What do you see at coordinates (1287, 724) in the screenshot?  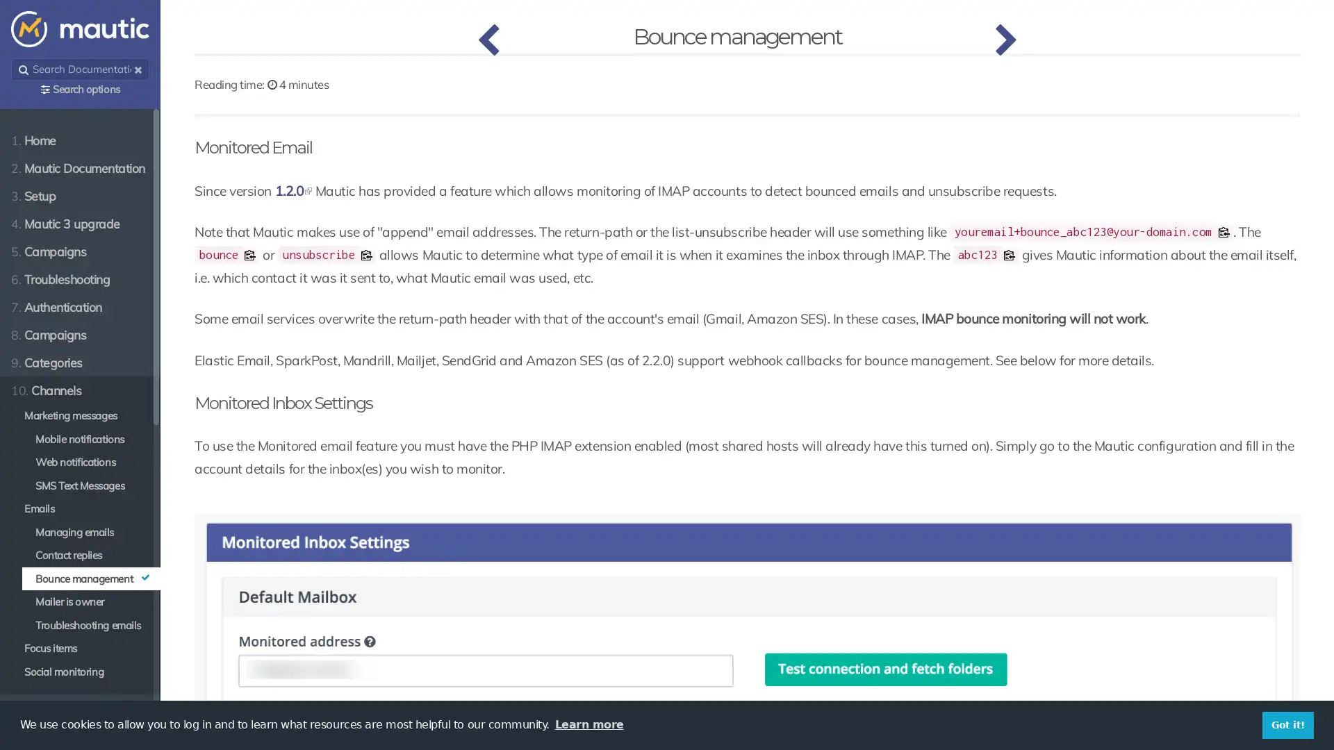 I see `dismiss cookie message` at bounding box center [1287, 724].